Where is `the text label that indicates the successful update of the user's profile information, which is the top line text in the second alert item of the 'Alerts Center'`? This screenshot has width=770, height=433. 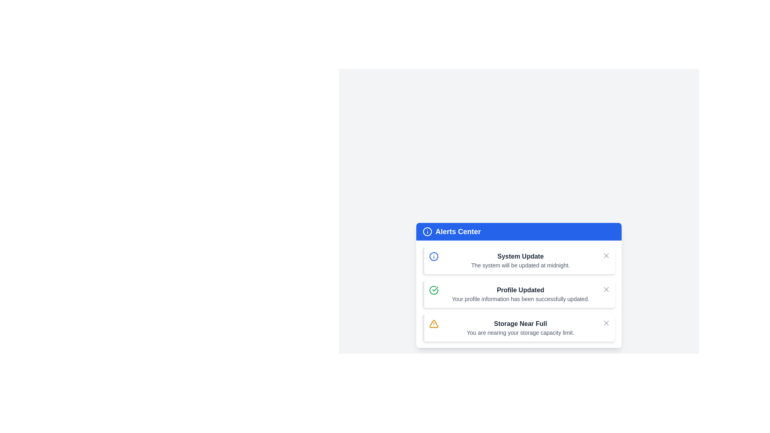 the text label that indicates the successful update of the user's profile information, which is the top line text in the second alert item of the 'Alerts Center' is located at coordinates (520, 290).